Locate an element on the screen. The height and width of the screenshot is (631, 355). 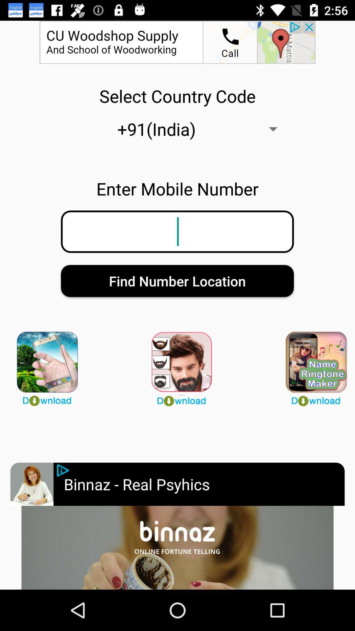
press beard advertisement is located at coordinates (177, 365).